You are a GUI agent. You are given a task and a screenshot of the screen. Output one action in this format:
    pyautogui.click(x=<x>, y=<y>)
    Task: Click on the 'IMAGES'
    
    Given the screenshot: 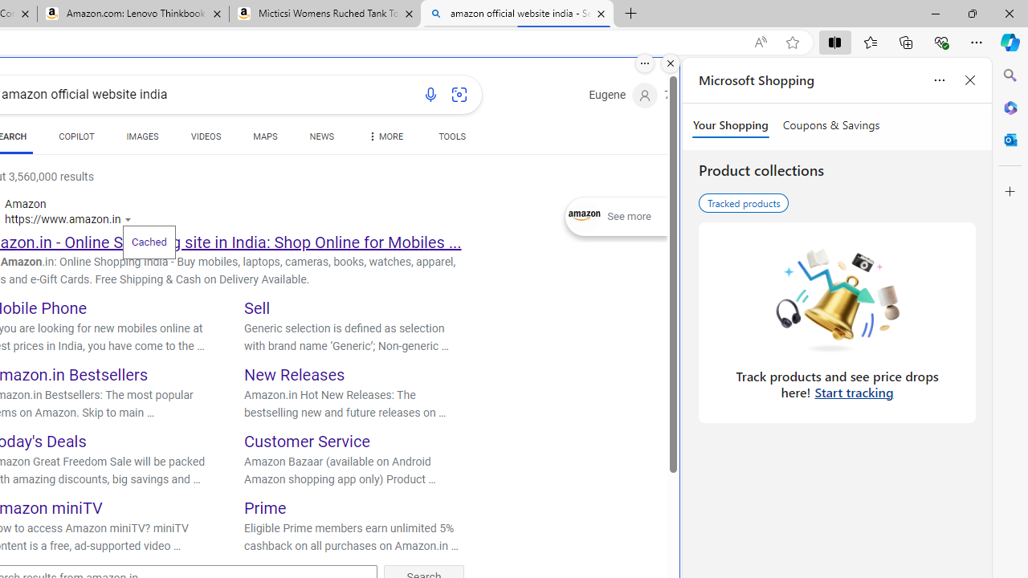 What is the action you would take?
    pyautogui.click(x=142, y=138)
    